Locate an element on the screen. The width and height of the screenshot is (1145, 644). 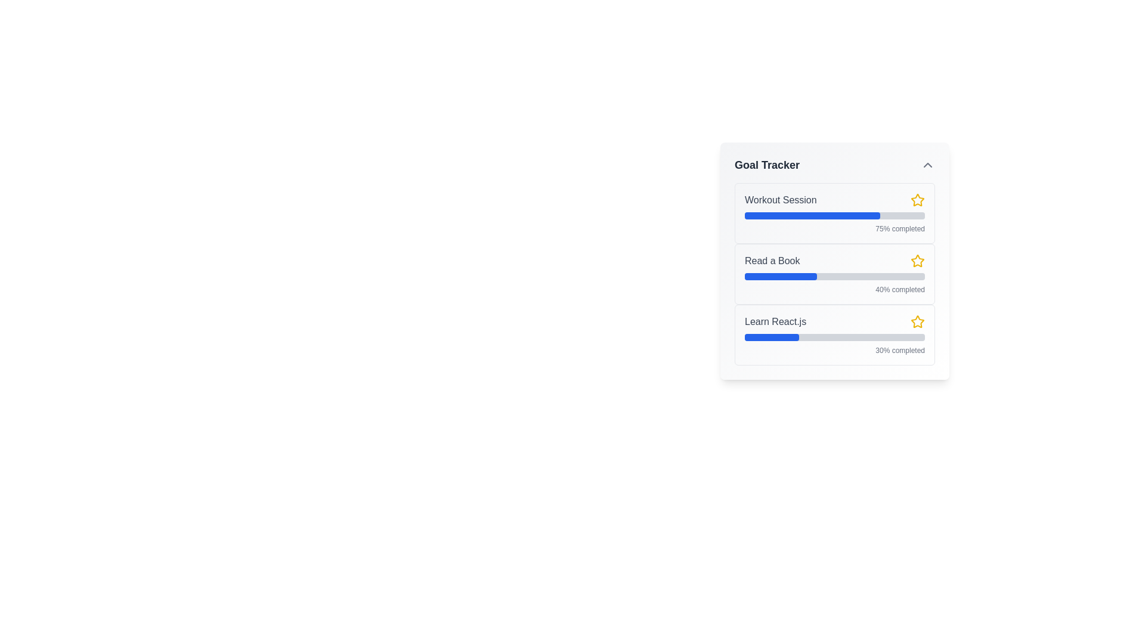
the star-shaped icon positioned to the right of the 'Learn React.js' text in the 'Goal Tracker' widget is located at coordinates (917, 322).